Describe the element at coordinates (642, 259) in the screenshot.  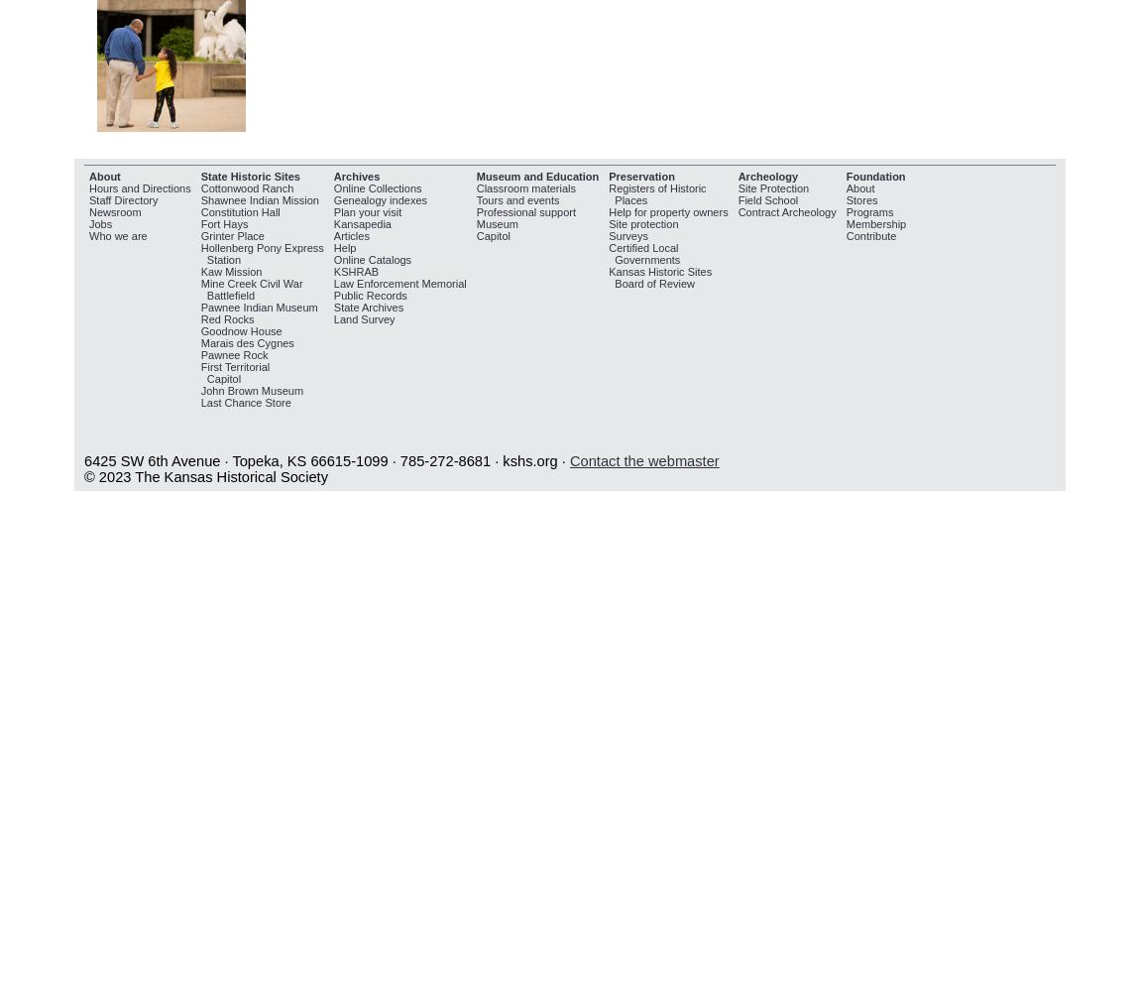
I see `'Governments'` at that location.